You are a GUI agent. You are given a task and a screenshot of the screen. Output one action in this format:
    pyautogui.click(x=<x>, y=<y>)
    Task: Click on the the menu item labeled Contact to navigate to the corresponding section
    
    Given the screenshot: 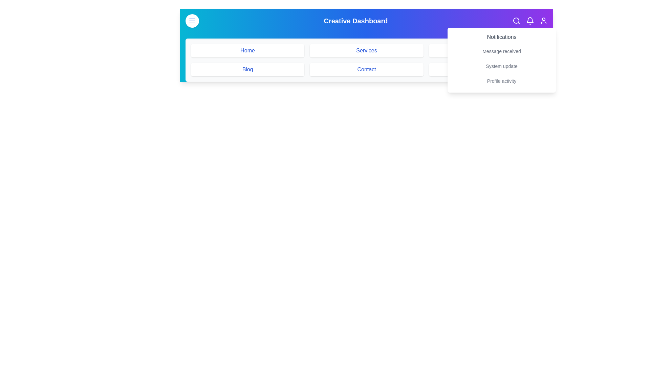 What is the action you would take?
    pyautogui.click(x=366, y=69)
    